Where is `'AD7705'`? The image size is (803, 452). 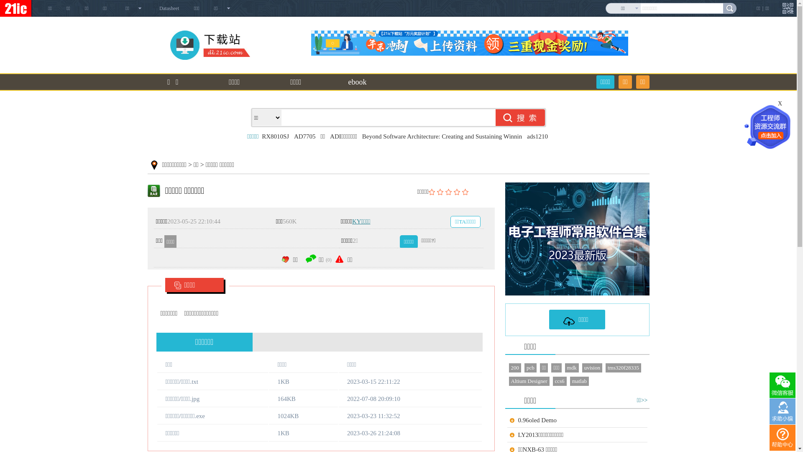
'AD7705' is located at coordinates (304, 136).